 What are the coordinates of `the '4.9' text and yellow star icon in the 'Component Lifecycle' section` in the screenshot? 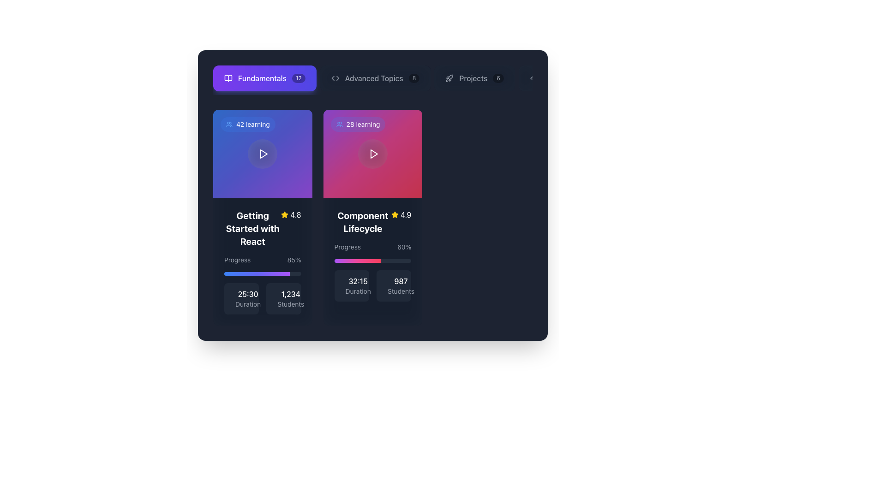 It's located at (401, 215).